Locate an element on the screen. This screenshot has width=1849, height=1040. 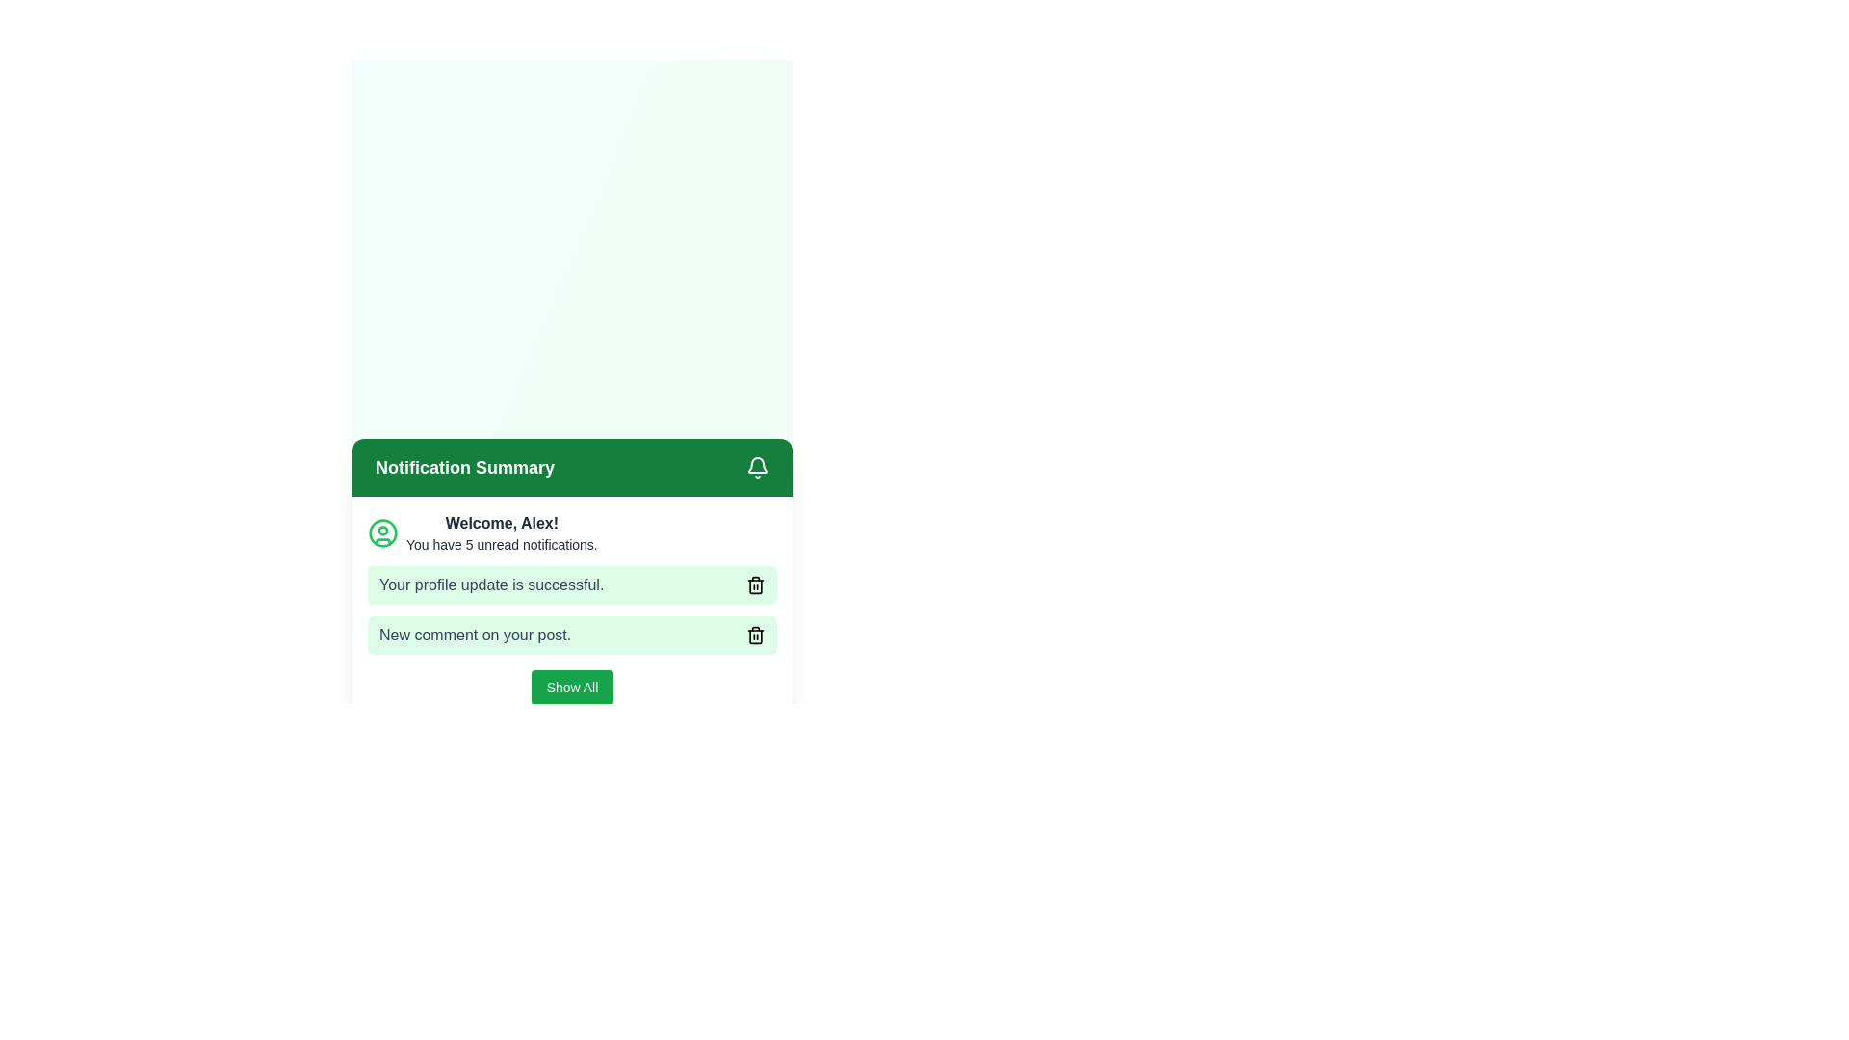
the Notification list element located under the 'Notification Summary' header, which displays updates about account actions is located at coordinates (571, 610).